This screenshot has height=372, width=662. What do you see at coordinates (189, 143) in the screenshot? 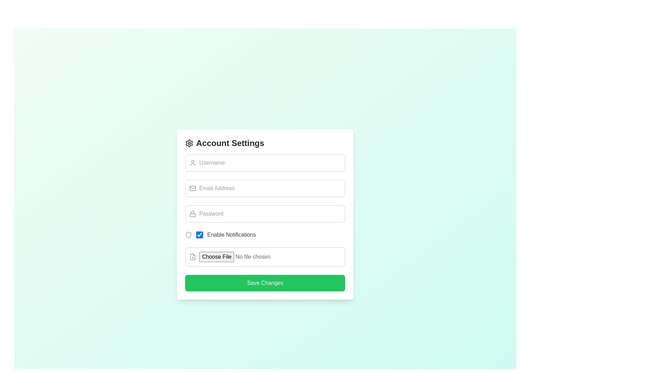
I see `gear icon representing settings, located to the left of the 'Account Settings' text, by clicking on it` at bounding box center [189, 143].